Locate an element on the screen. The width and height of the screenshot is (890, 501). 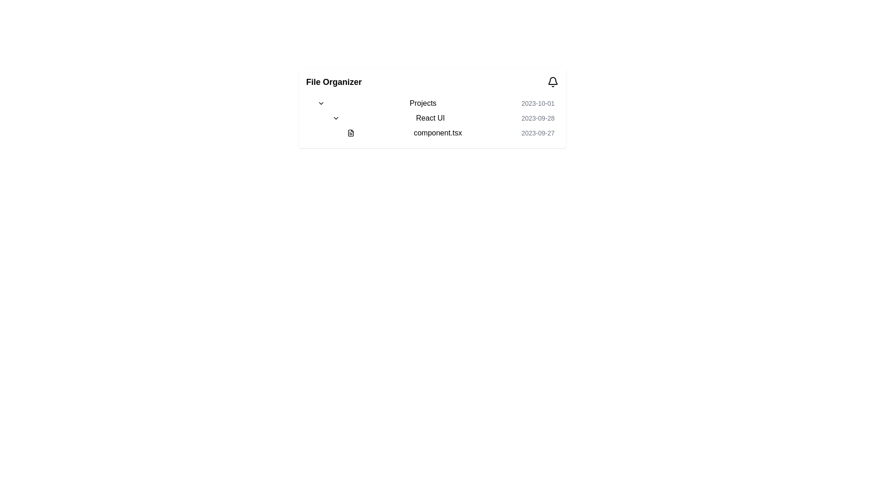
the chevron icon located to the left of the 'React UI' text to trigger hover effects is located at coordinates (335, 117).